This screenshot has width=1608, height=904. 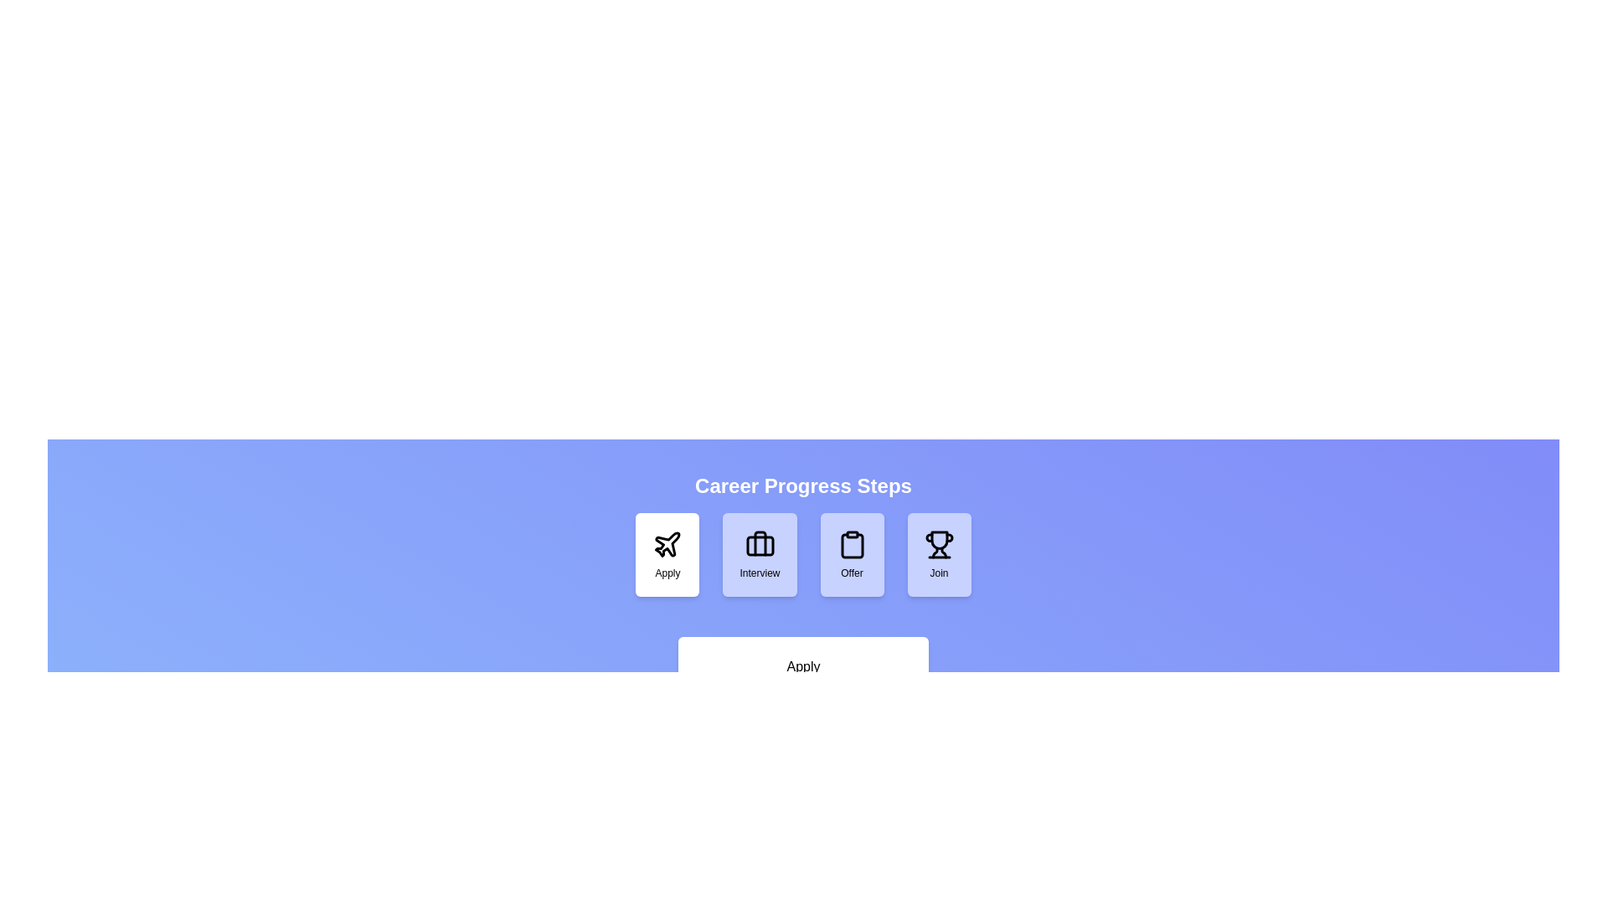 I want to click on the icon corresponding to the career step Interview, so click(x=759, y=555).